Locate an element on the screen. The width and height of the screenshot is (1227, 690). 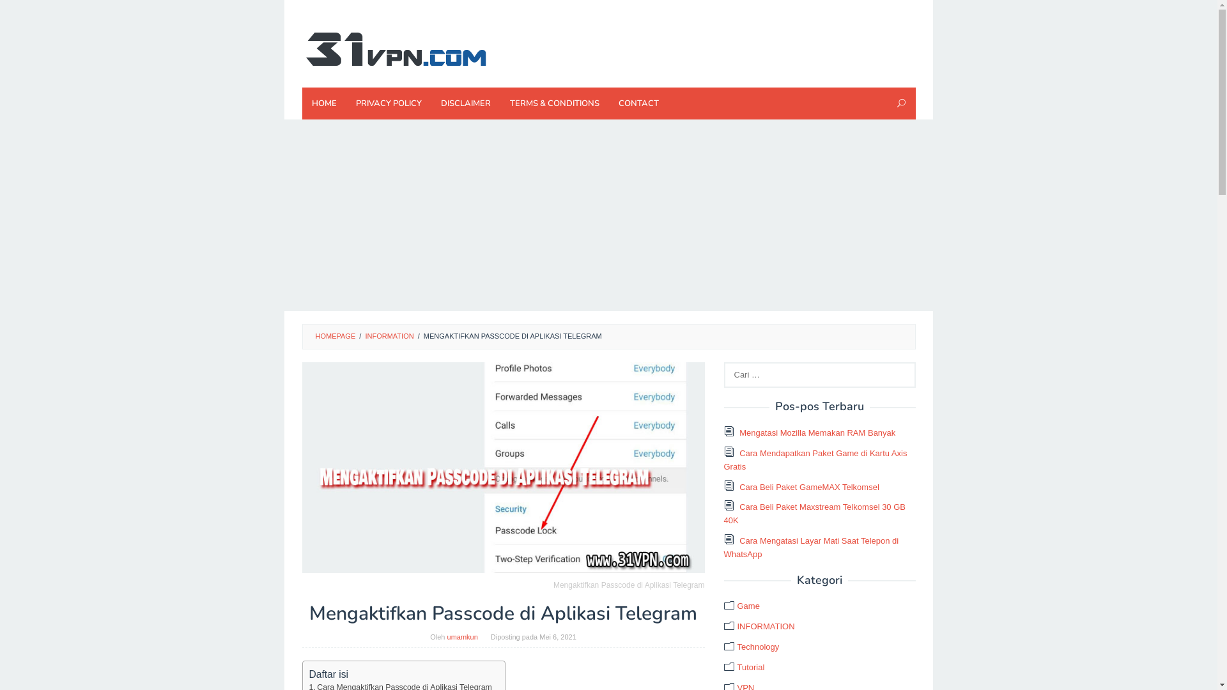
'umamkun' is located at coordinates (447, 636).